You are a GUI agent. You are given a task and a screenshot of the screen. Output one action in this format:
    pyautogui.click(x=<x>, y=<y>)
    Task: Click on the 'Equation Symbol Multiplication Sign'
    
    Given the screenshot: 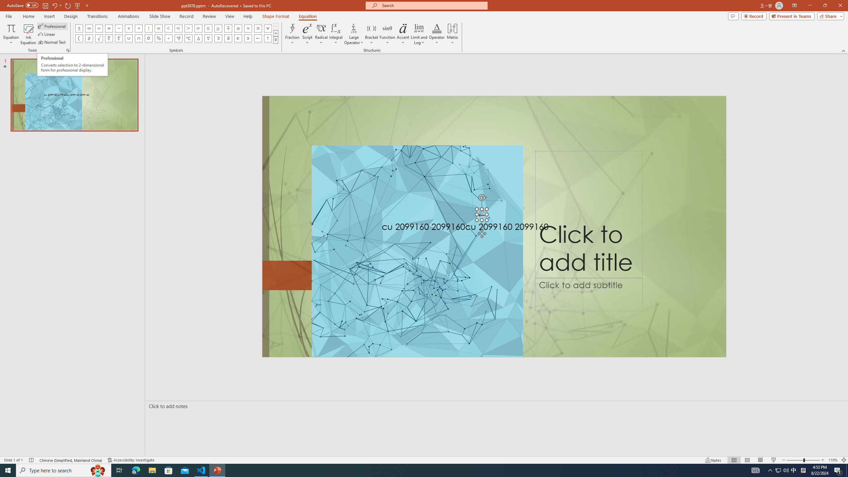 What is the action you would take?
    pyautogui.click(x=129, y=28)
    